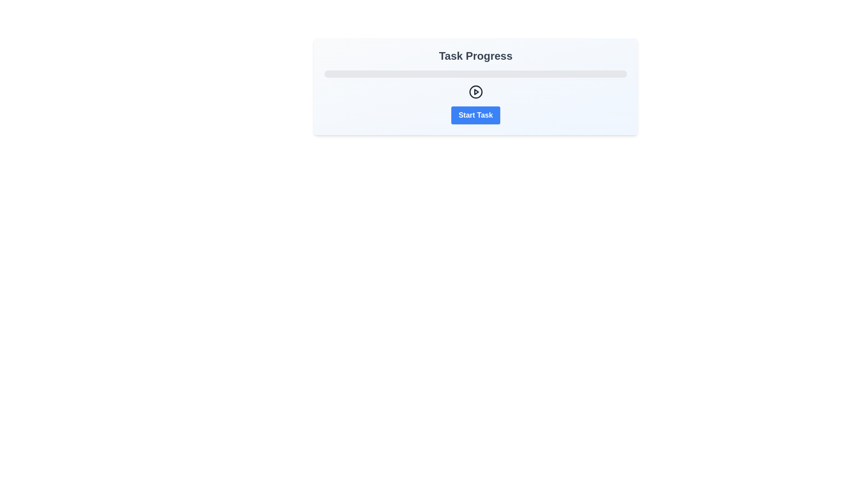  What do you see at coordinates (475, 92) in the screenshot?
I see `the outer circle of the play button icon, which is a decorative SVG Circle indicating the initiation of a playable action` at bounding box center [475, 92].